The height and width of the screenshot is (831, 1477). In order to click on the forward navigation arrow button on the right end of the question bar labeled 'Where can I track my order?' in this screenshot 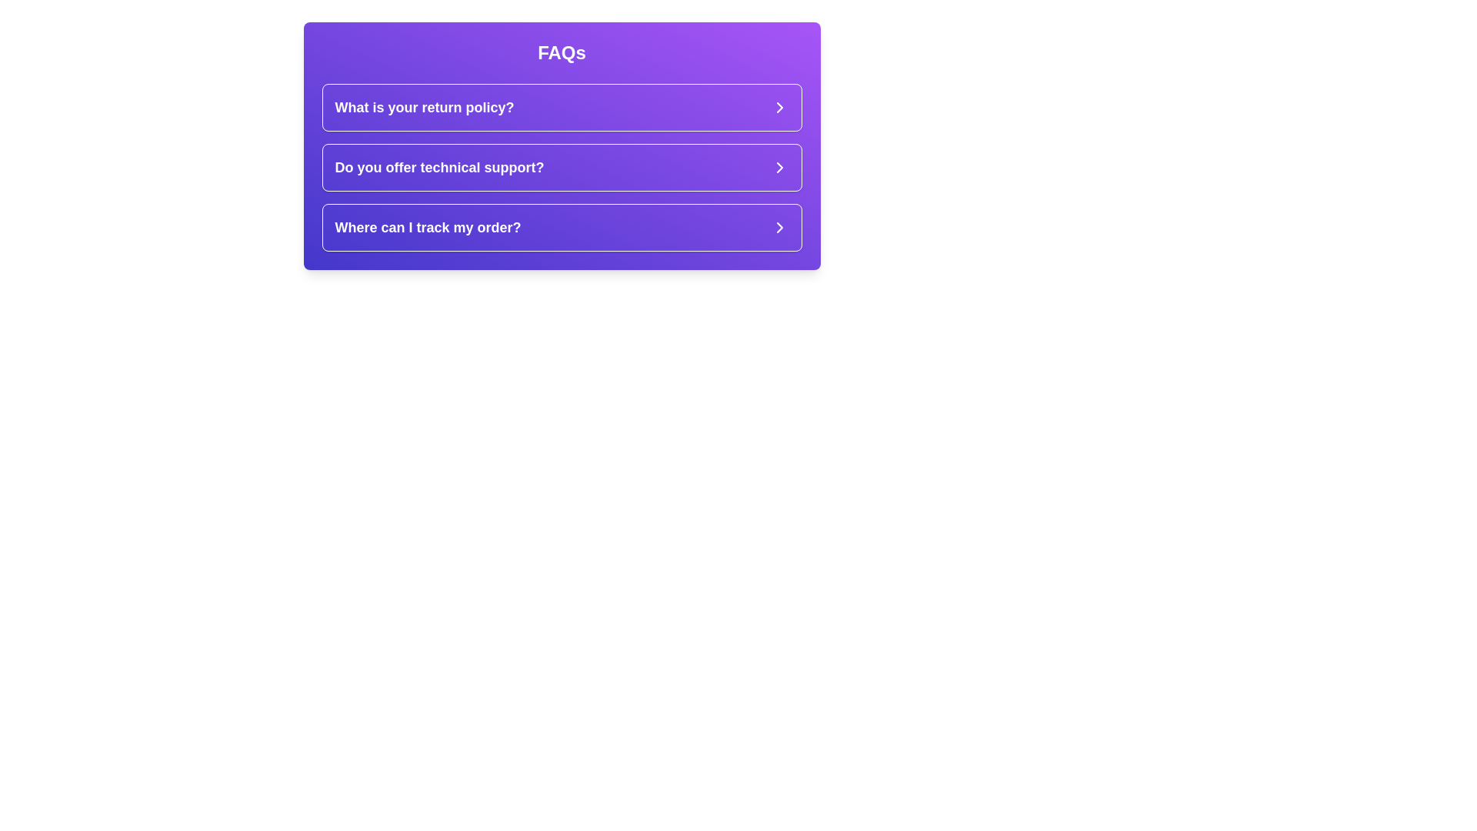, I will do `click(779, 228)`.